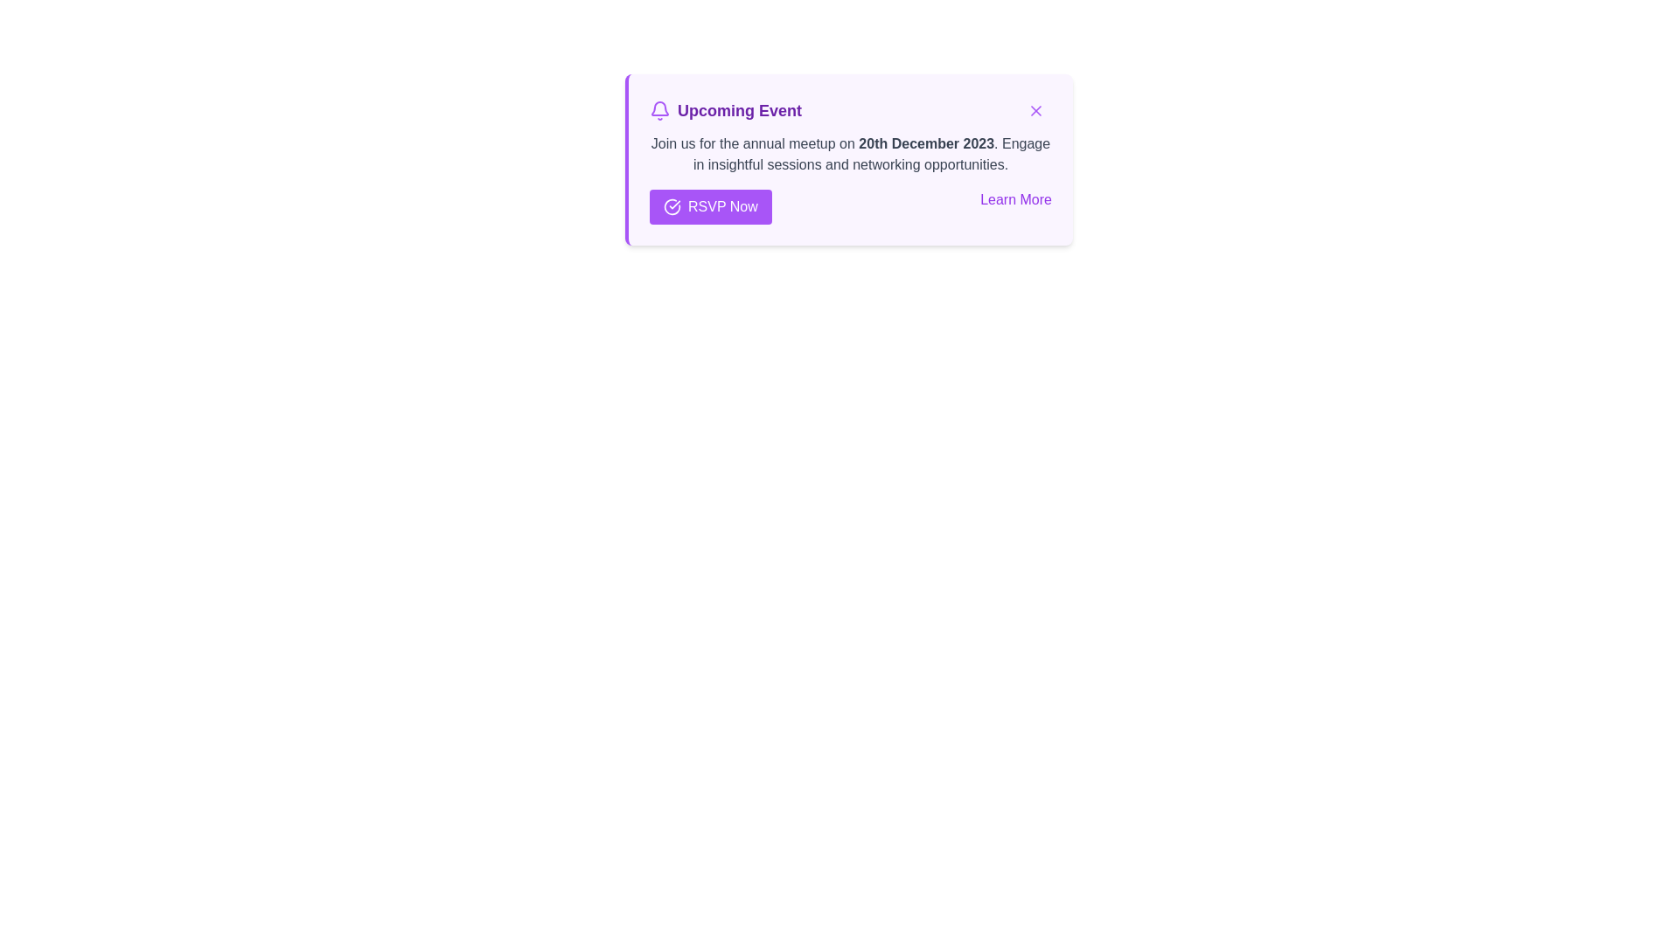 Image resolution: width=1679 pixels, height=944 pixels. What do you see at coordinates (658, 111) in the screenshot?
I see `the SVG Icon symbolizing notifications for the 'Upcoming Event' header section, positioned at the far left adjacent to the textual header elements` at bounding box center [658, 111].